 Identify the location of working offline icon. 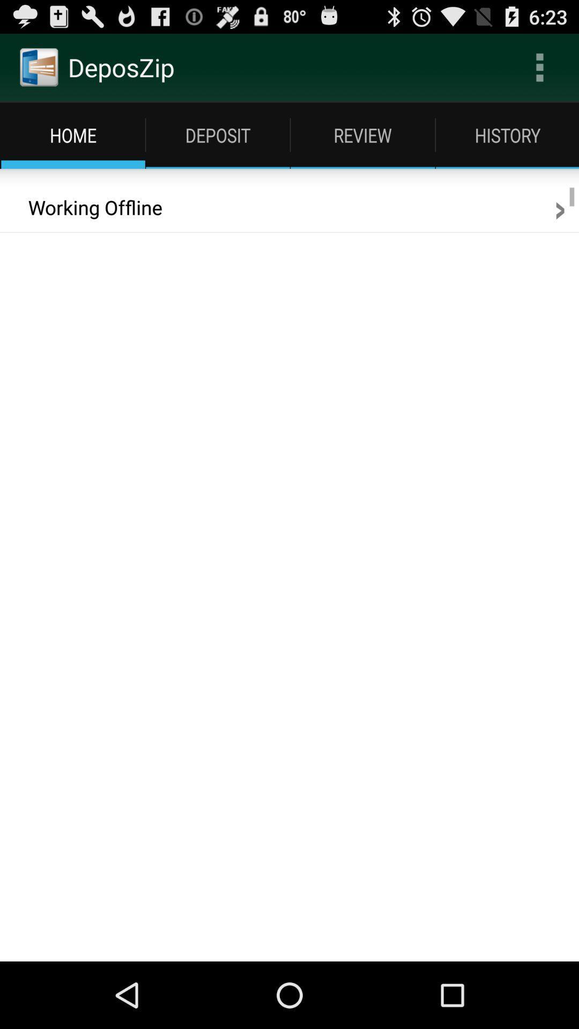
(87, 207).